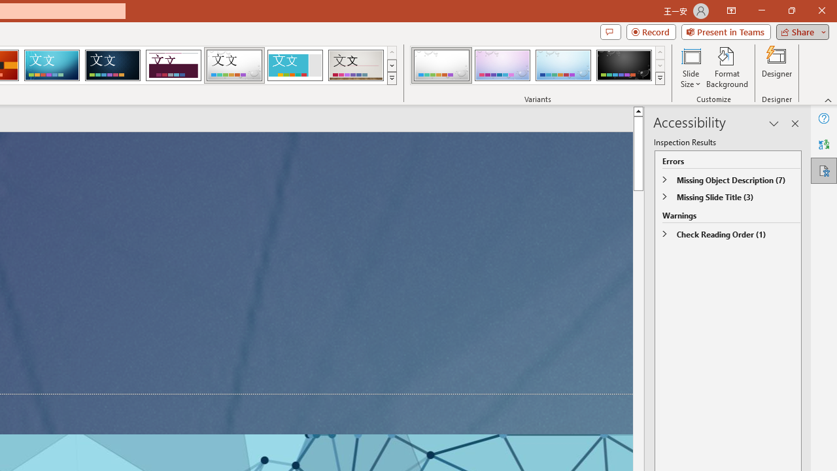  I want to click on 'Droplet', so click(234, 65).